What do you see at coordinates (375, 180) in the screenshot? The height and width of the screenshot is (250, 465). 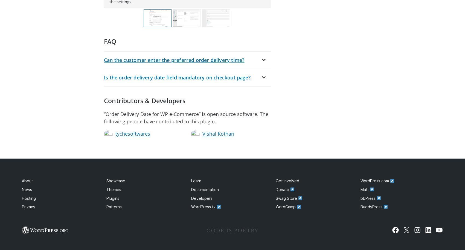 I see `'WordPress.com'` at bounding box center [375, 180].